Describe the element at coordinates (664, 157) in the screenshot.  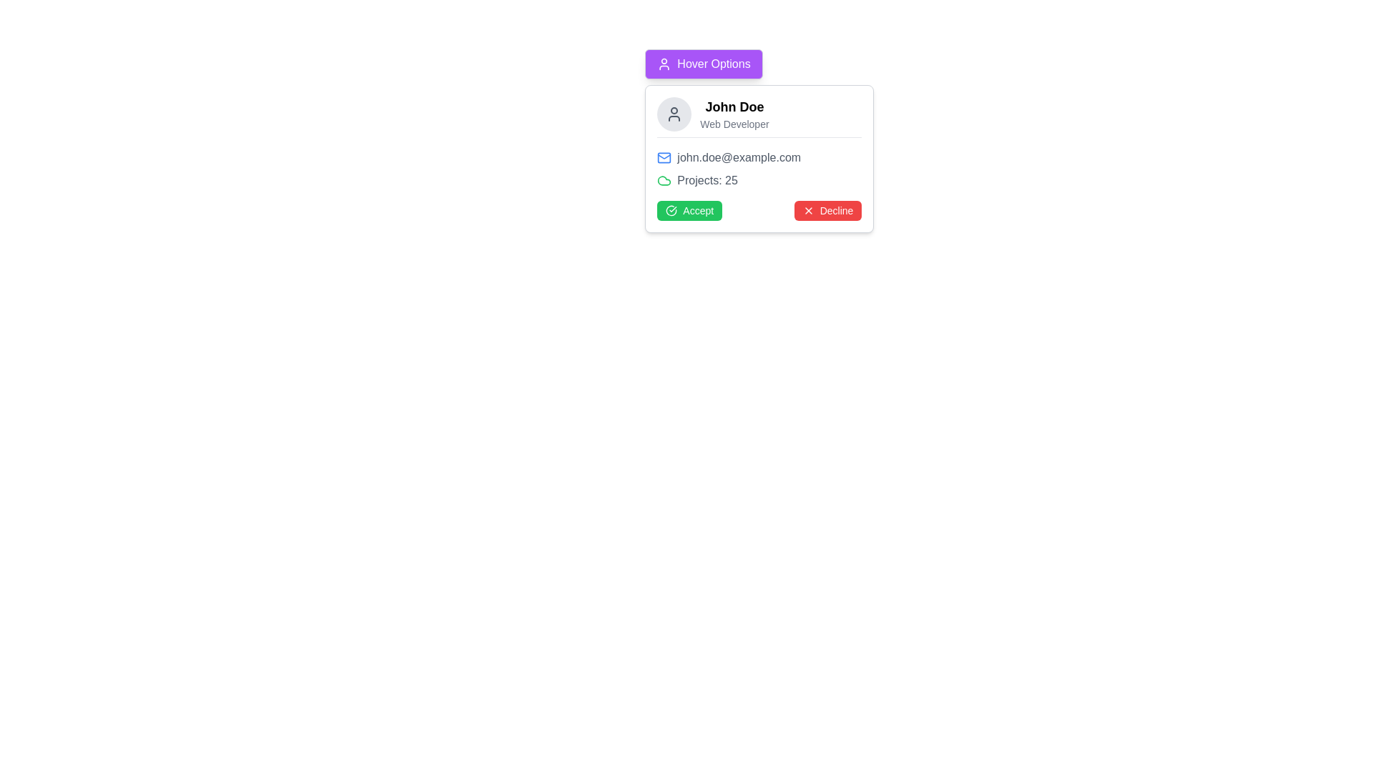
I see `the rectangular component of the mail icon located to the left of the email address 'john.doe@example.com'` at that location.